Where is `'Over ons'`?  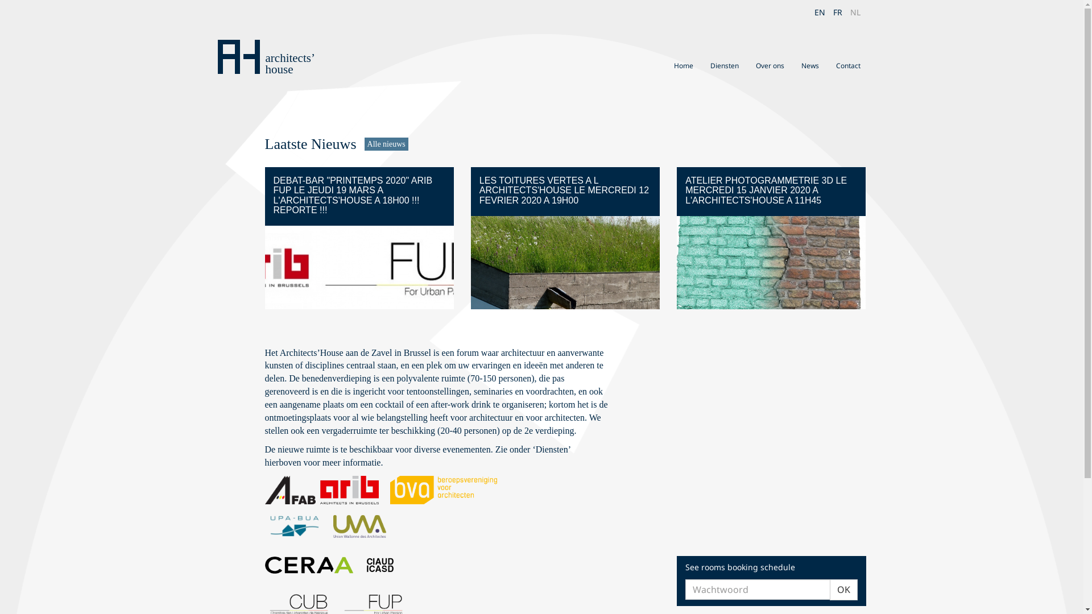 'Over ons' is located at coordinates (770, 65).